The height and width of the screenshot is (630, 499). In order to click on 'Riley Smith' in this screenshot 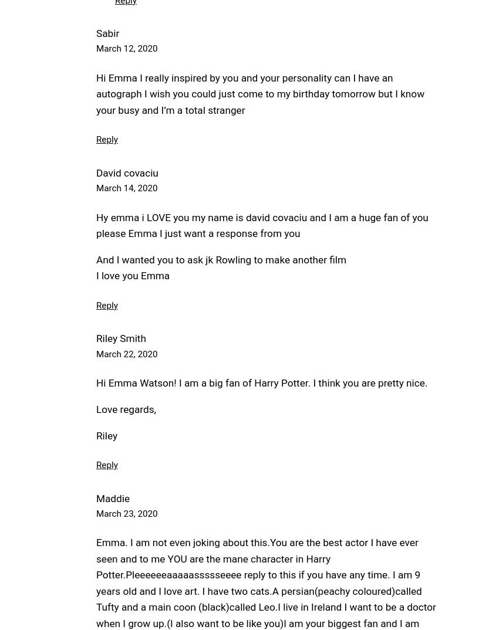, I will do `click(120, 337)`.